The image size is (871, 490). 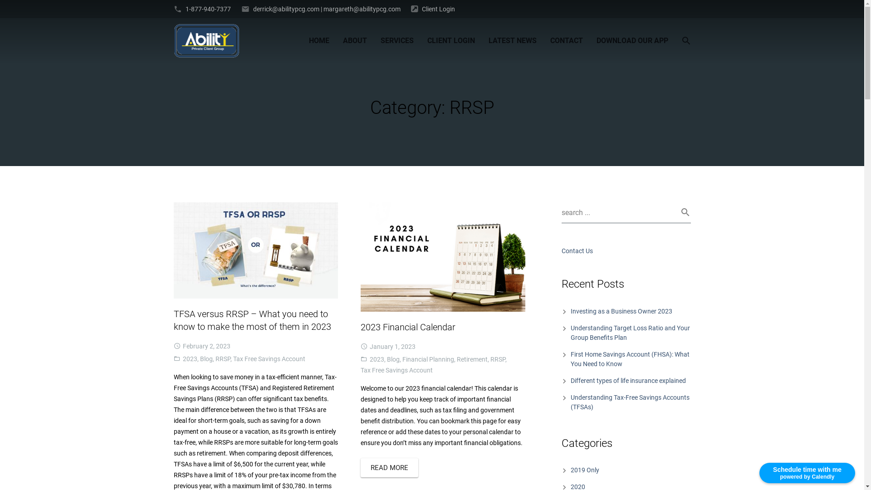 What do you see at coordinates (497, 358) in the screenshot?
I see `'RRSP'` at bounding box center [497, 358].